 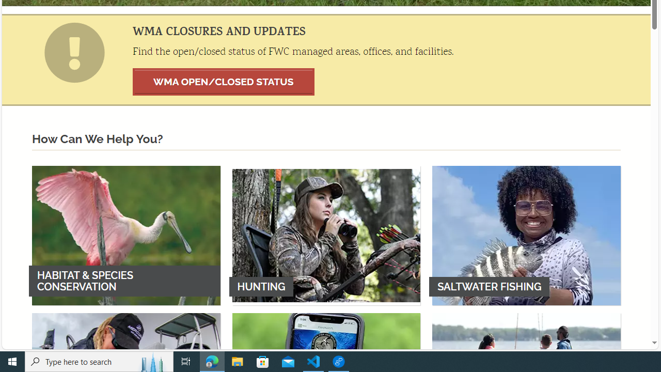 I want to click on 'SALTWATER FISHING', so click(x=526, y=235).